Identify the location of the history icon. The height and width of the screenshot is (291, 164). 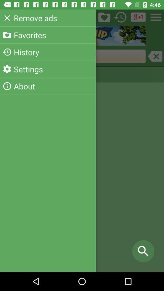
(120, 17).